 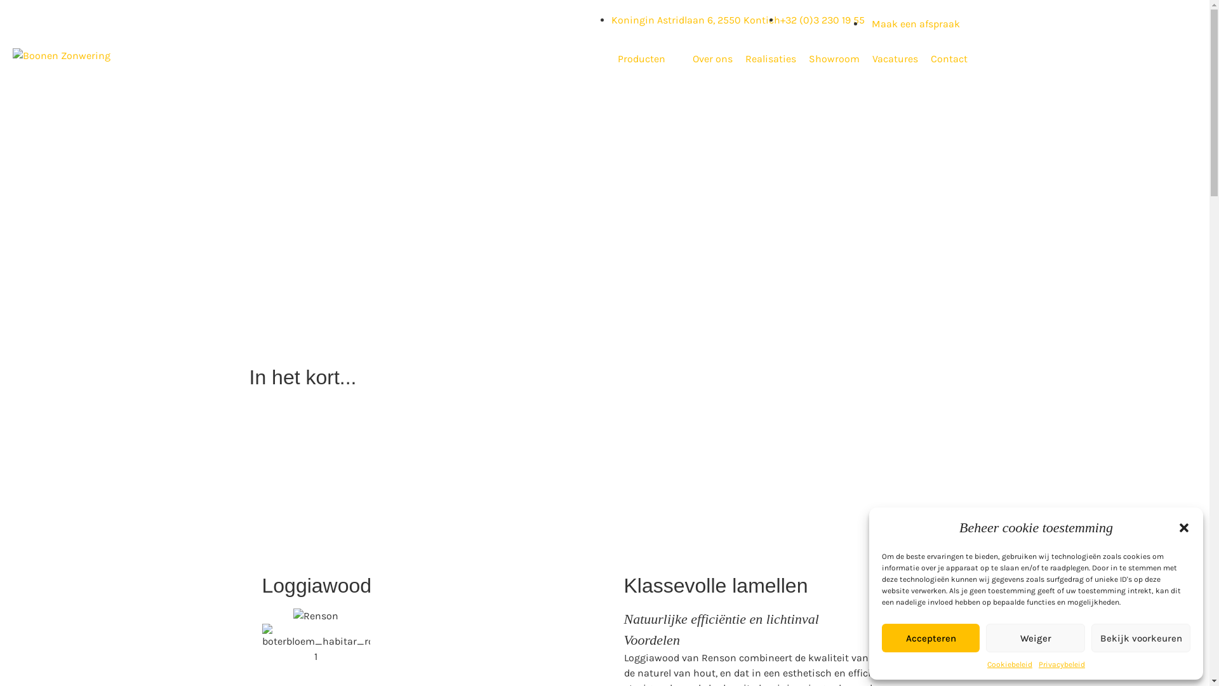 What do you see at coordinates (822, 20) in the screenshot?
I see `'+32 (0)3 230 19 55'` at bounding box center [822, 20].